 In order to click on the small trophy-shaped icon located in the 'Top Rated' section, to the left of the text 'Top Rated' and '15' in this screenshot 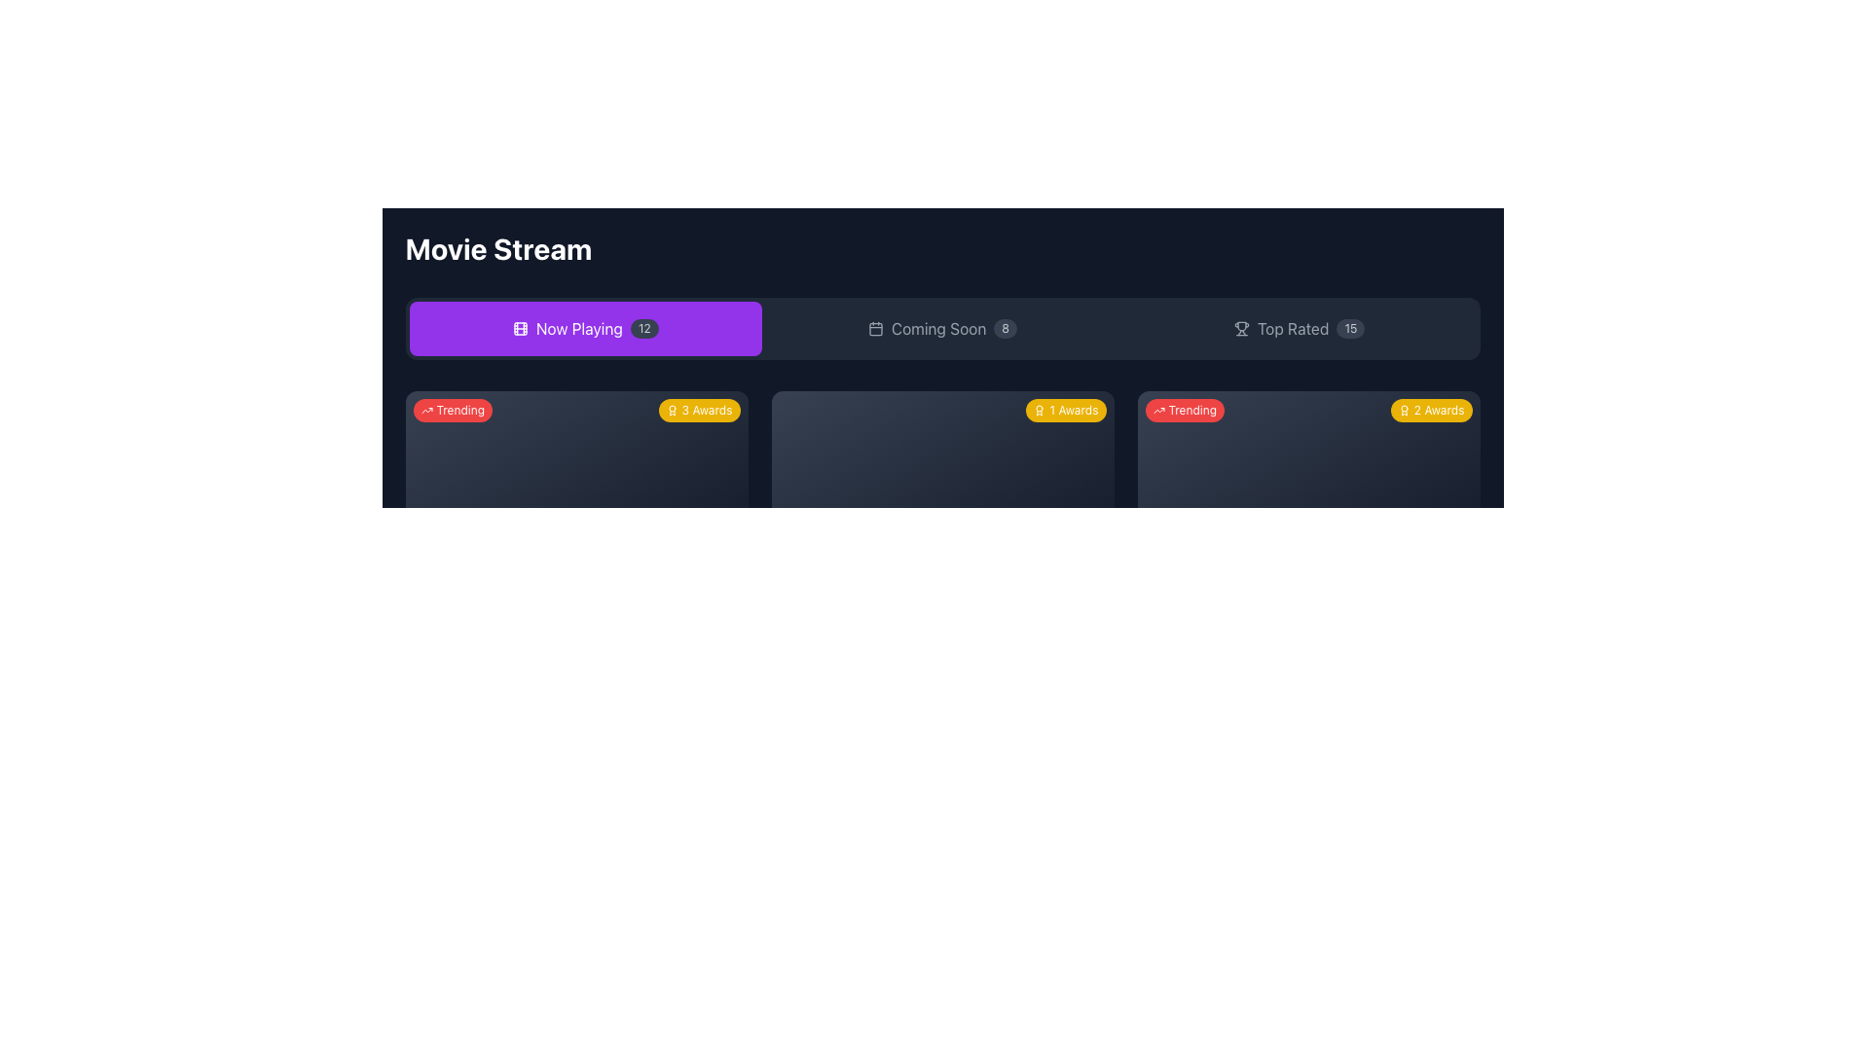, I will do `click(1241, 328)`.